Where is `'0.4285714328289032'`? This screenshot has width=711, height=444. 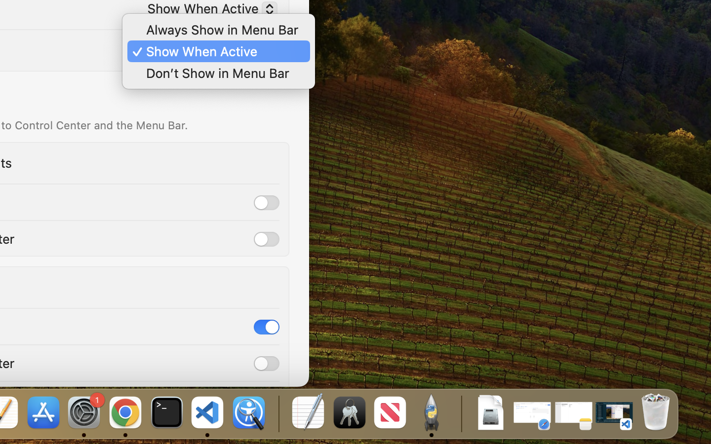 '0.4285714328289032' is located at coordinates (277, 413).